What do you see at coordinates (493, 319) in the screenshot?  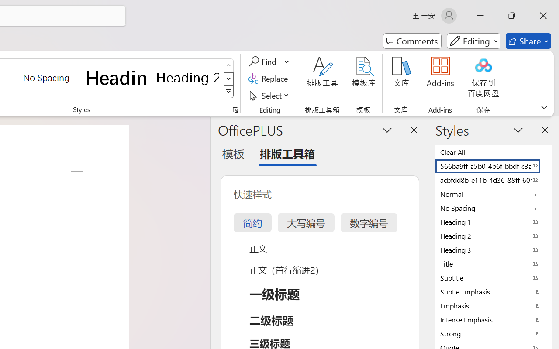 I see `'Intense Emphasis'` at bounding box center [493, 319].